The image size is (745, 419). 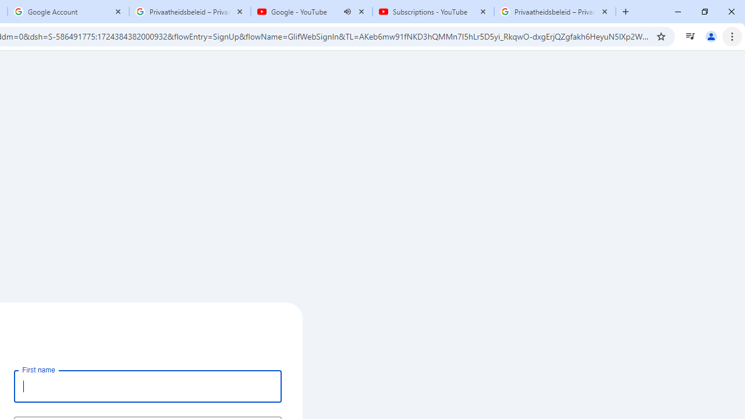 What do you see at coordinates (690, 35) in the screenshot?
I see `'Control your music, videos, and more'` at bounding box center [690, 35].